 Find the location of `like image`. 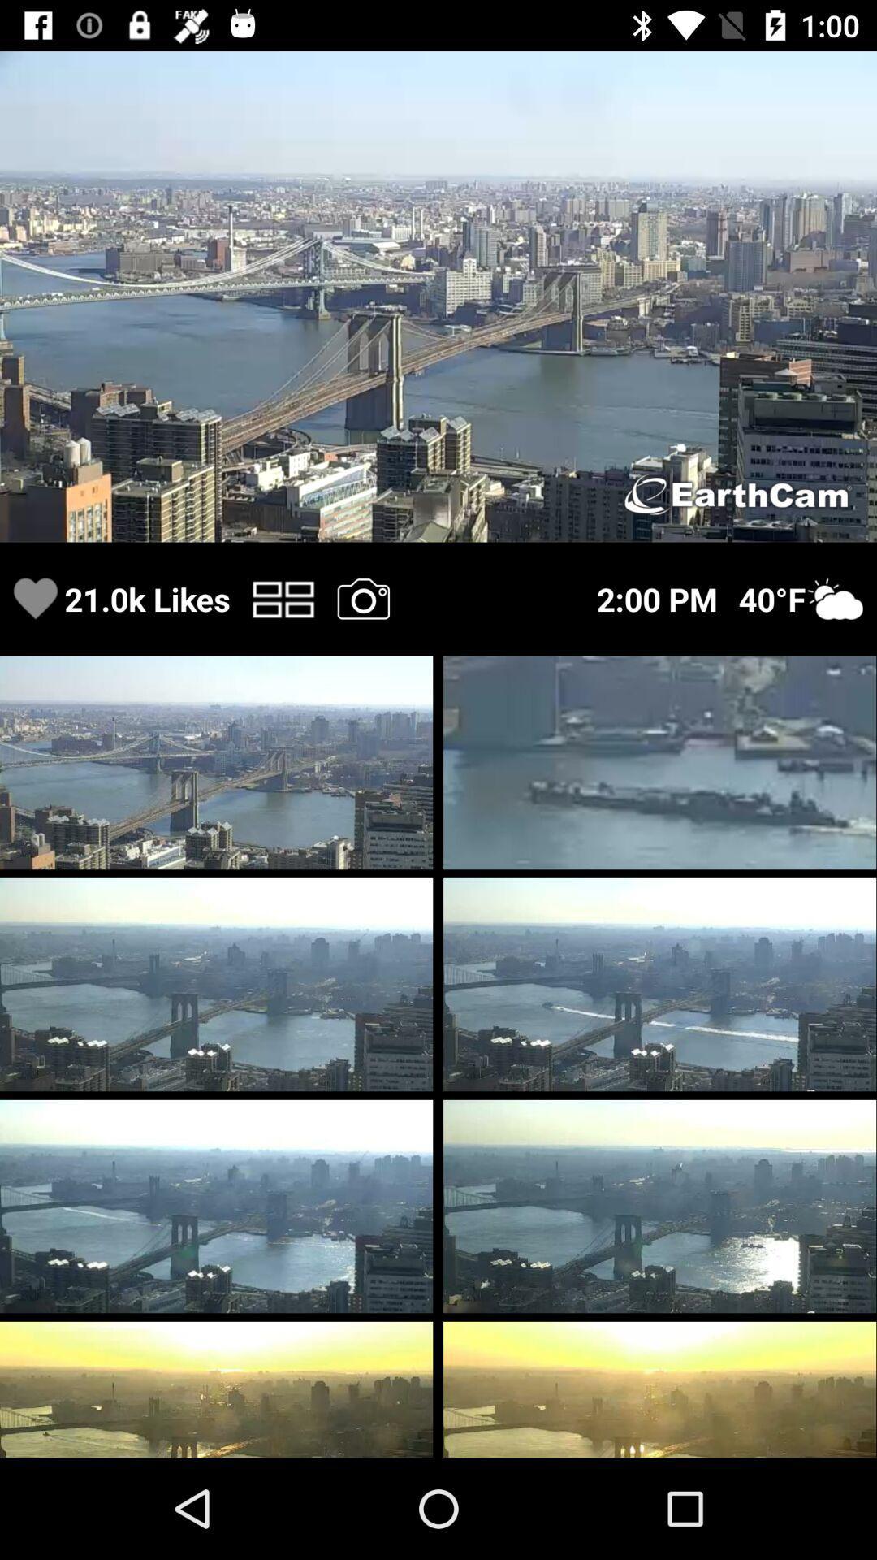

like image is located at coordinates (35, 598).